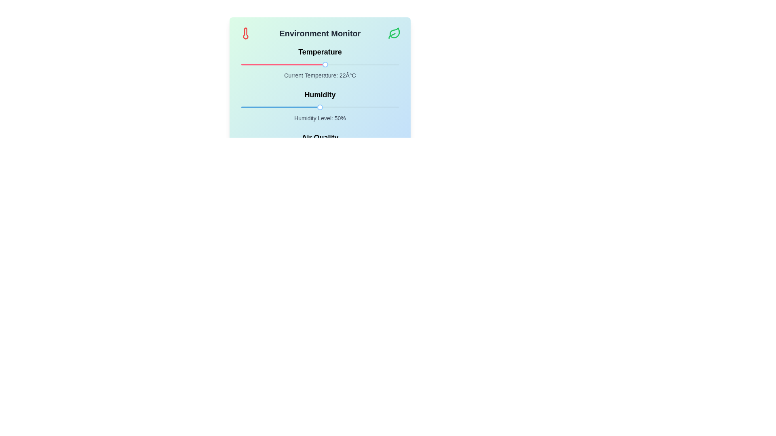 Image resolution: width=776 pixels, height=436 pixels. Describe the element at coordinates (375, 107) in the screenshot. I see `humidity` at that location.